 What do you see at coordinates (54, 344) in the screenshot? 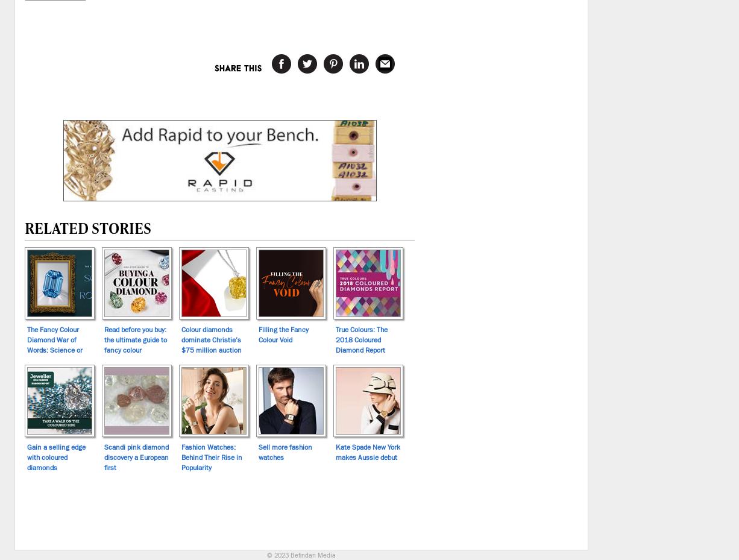
I see `'The Fancy Colour Diamond War of Words: Science or Romance?'` at bounding box center [54, 344].